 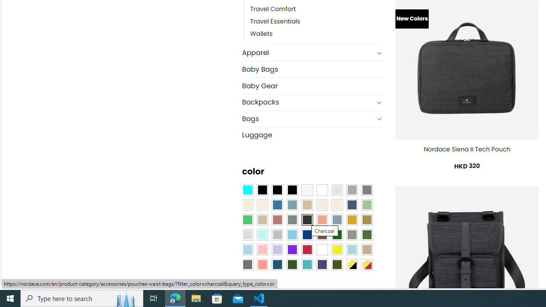 I want to click on 'Green', so click(x=367, y=235).